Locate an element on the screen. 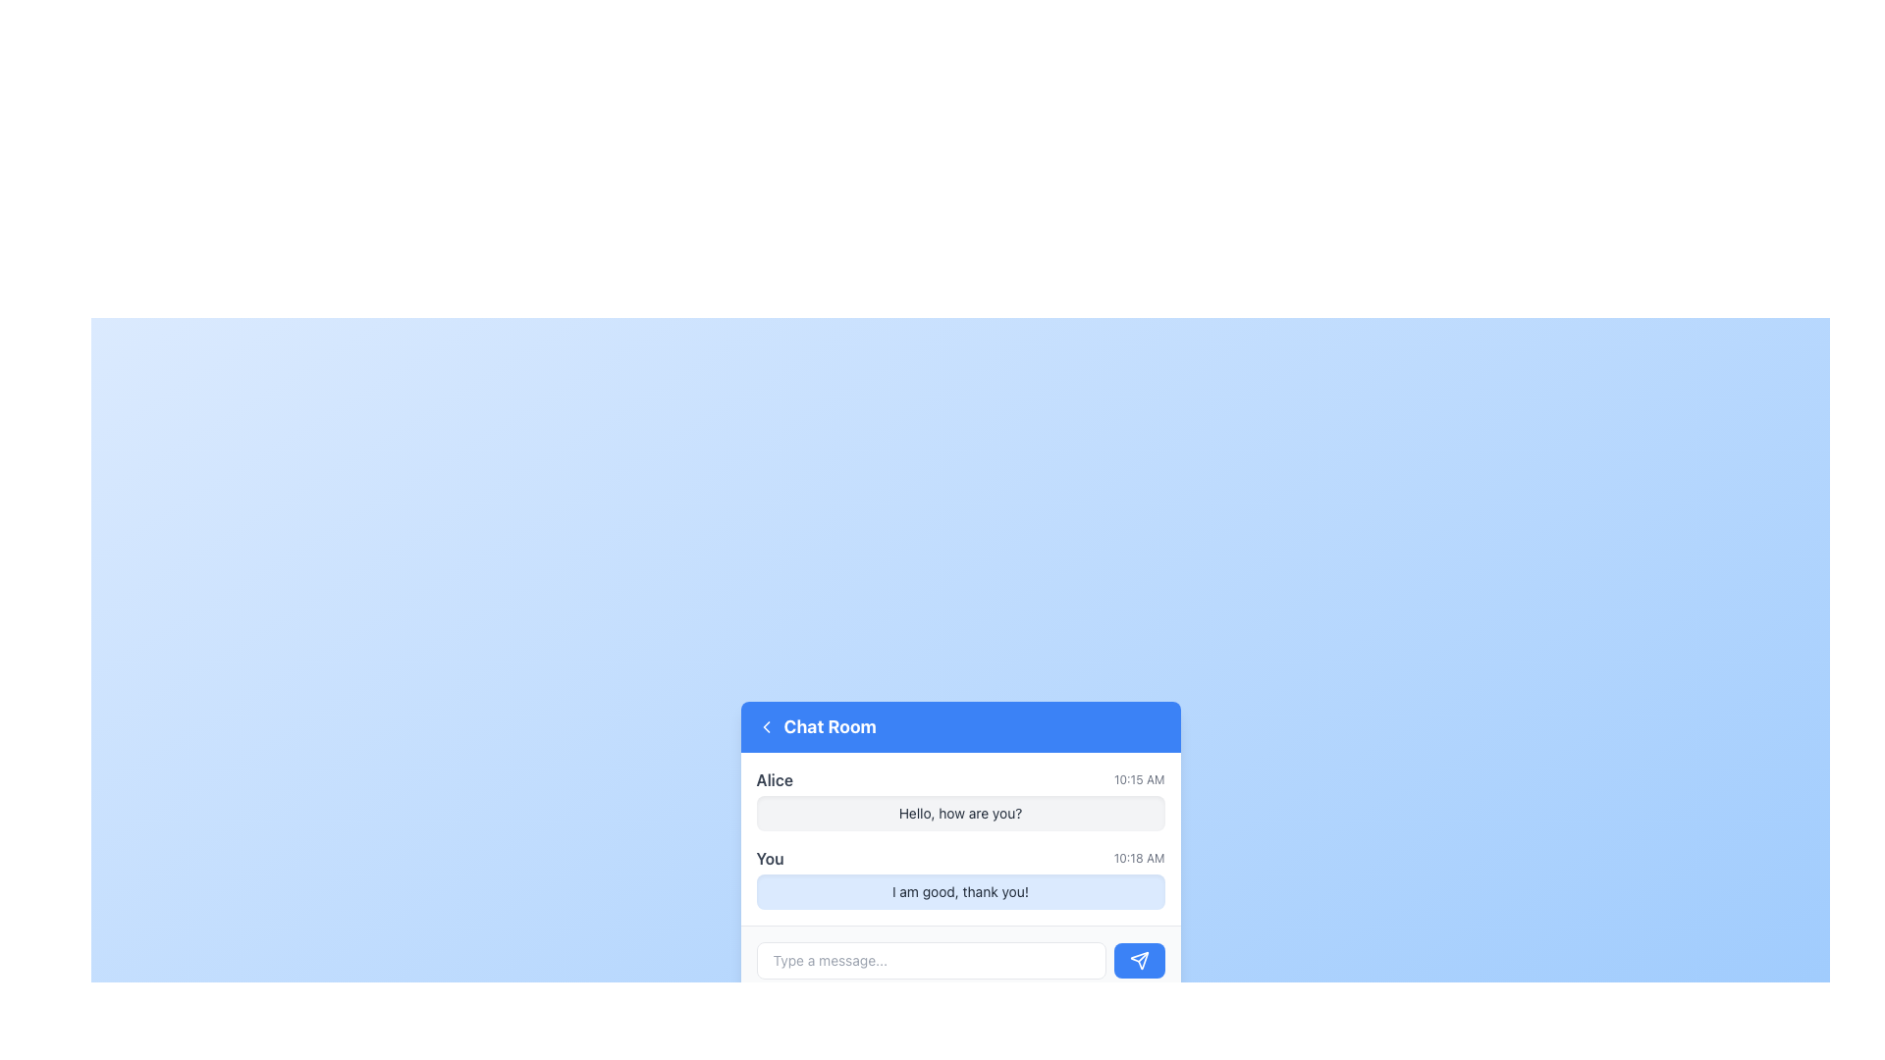 The image size is (1885, 1060). the send button icon, which is the first icon inside the blue circular button located at the far right of the input box in the chat interface is located at coordinates (1139, 959).